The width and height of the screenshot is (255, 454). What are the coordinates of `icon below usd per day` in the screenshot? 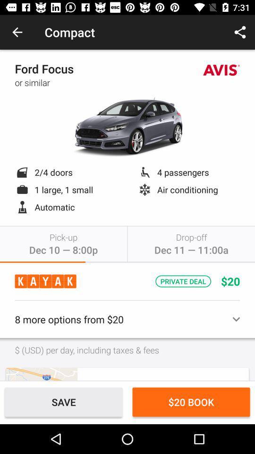 It's located at (41, 374).